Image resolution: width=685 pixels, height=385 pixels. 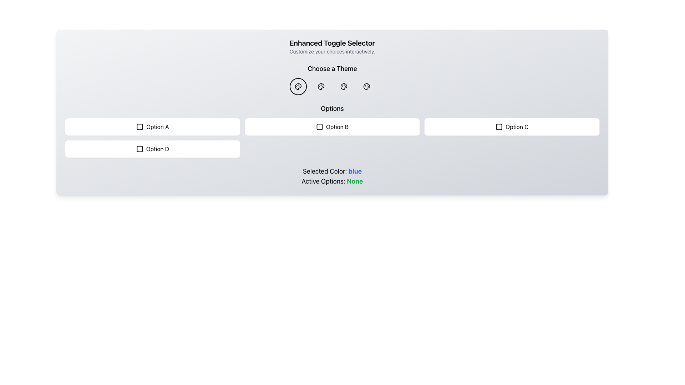 I want to click on the static text element located at the top-central part of the interface, which serves as a section header informing users about the functionality of the area below it, so click(x=332, y=43).